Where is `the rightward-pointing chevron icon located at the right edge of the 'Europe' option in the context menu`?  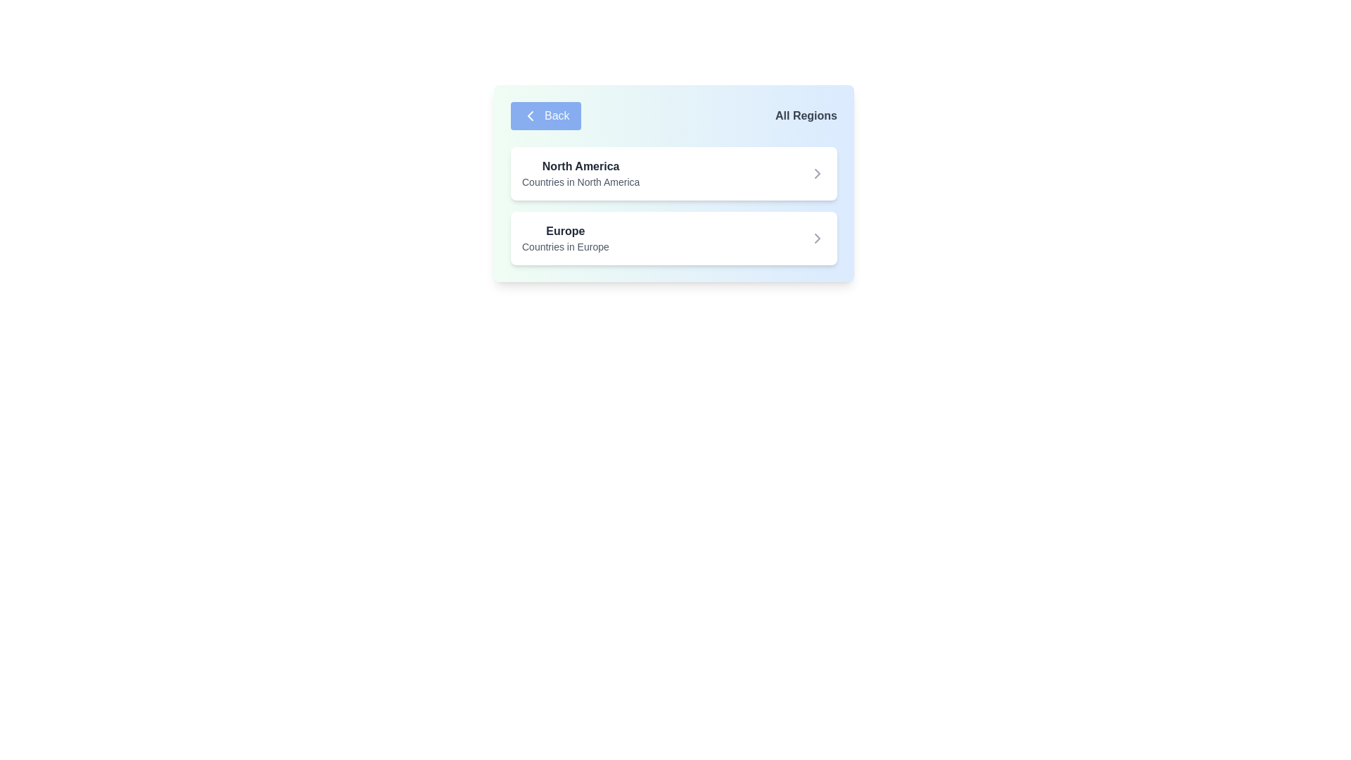
the rightward-pointing chevron icon located at the right edge of the 'Europe' option in the context menu is located at coordinates (817, 238).